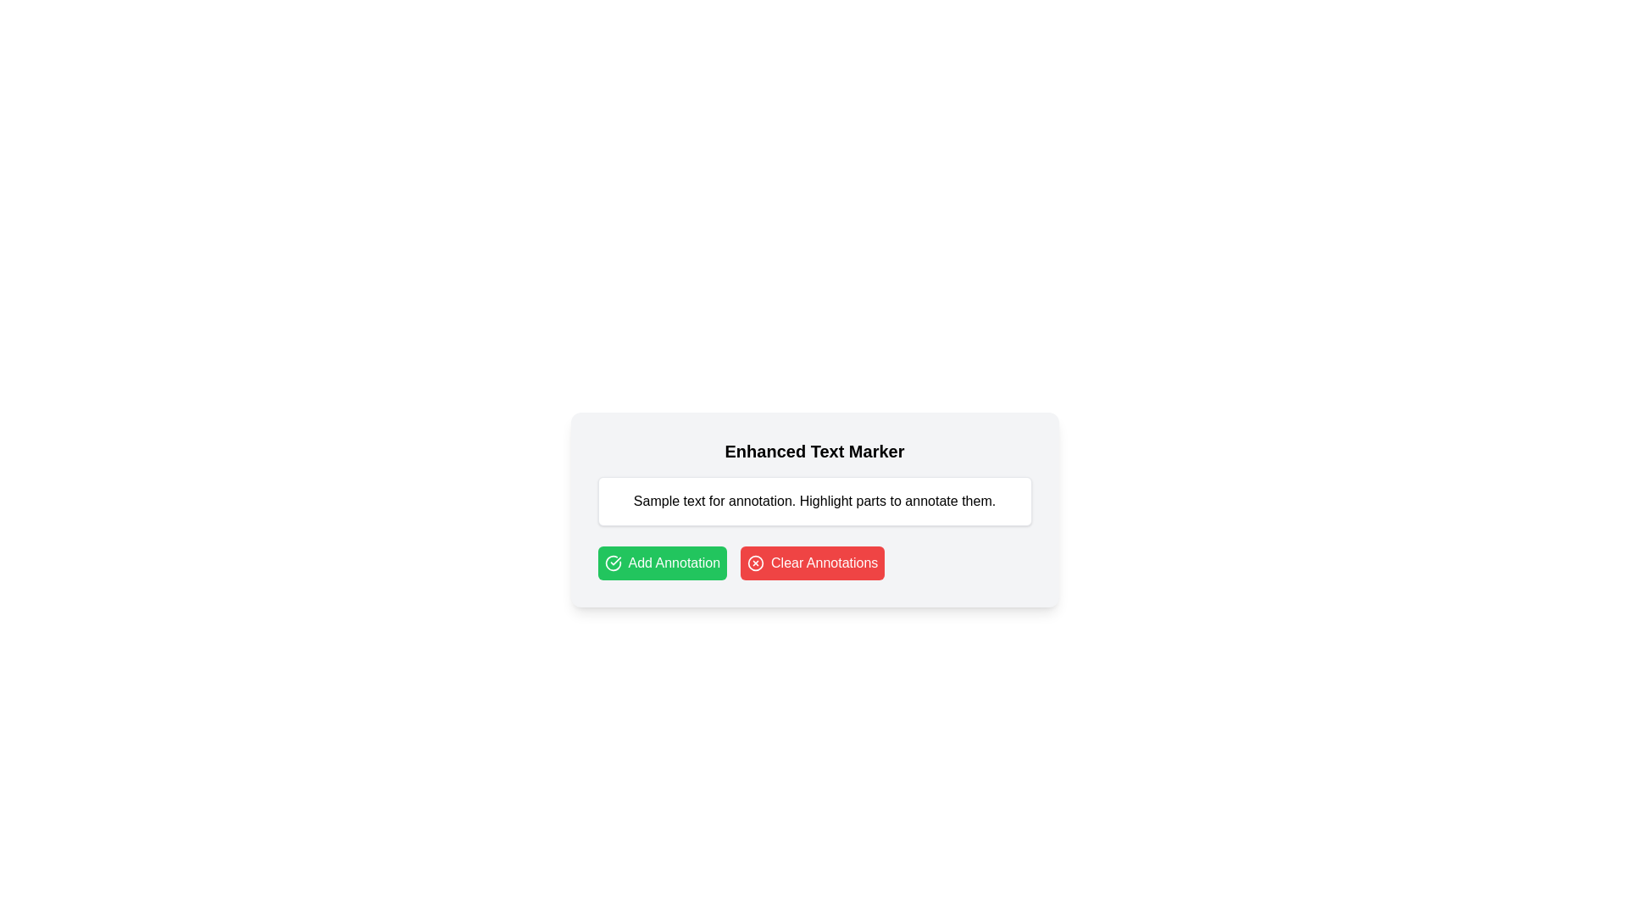 Image resolution: width=1627 pixels, height=915 pixels. What do you see at coordinates (669, 500) in the screenshot?
I see `the fifth character in the input box labeled 'Sample text for annotation. Highlight parts to annotate them.'` at bounding box center [669, 500].